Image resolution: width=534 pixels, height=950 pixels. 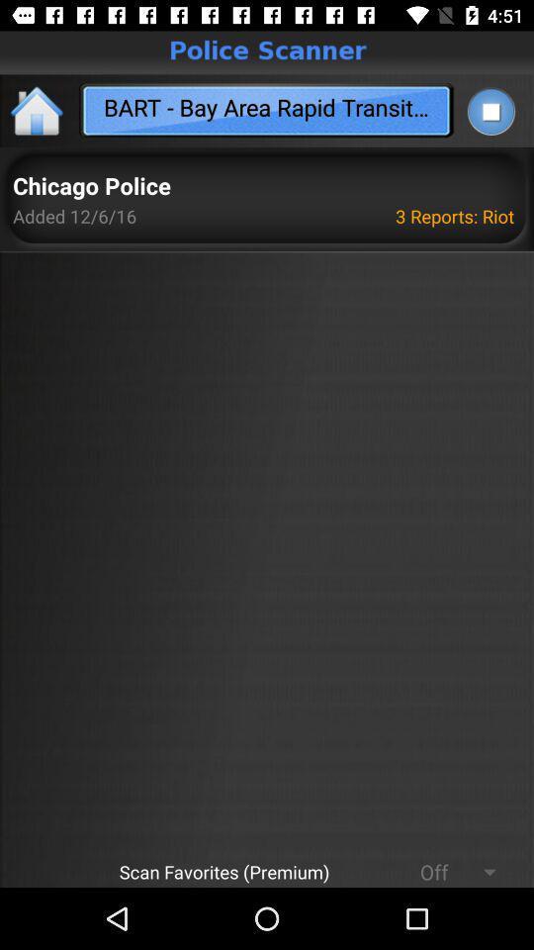 I want to click on the home icon, so click(x=38, y=110).